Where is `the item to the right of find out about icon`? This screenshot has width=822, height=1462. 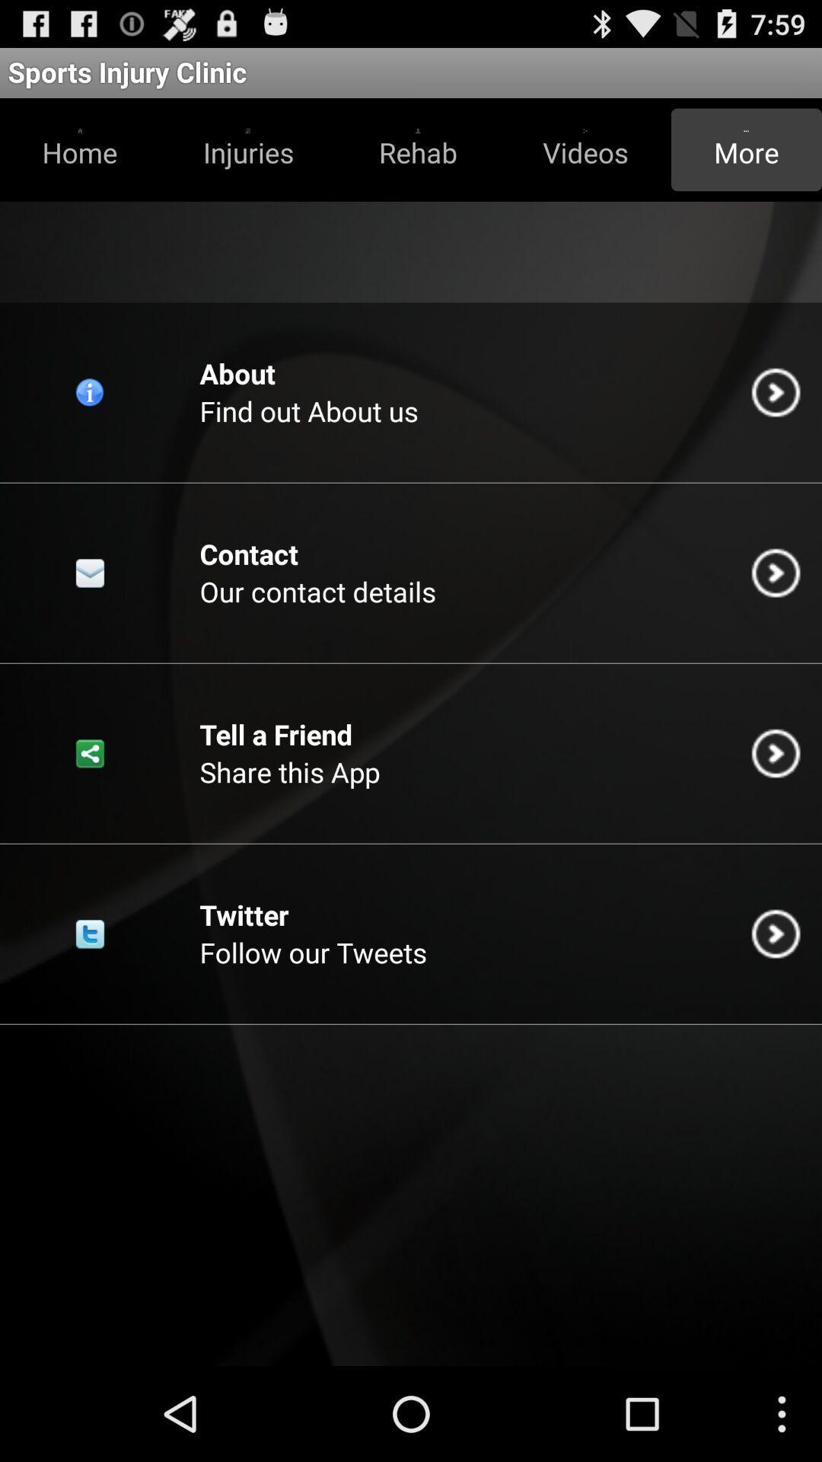
the item to the right of find out about icon is located at coordinates (776, 392).